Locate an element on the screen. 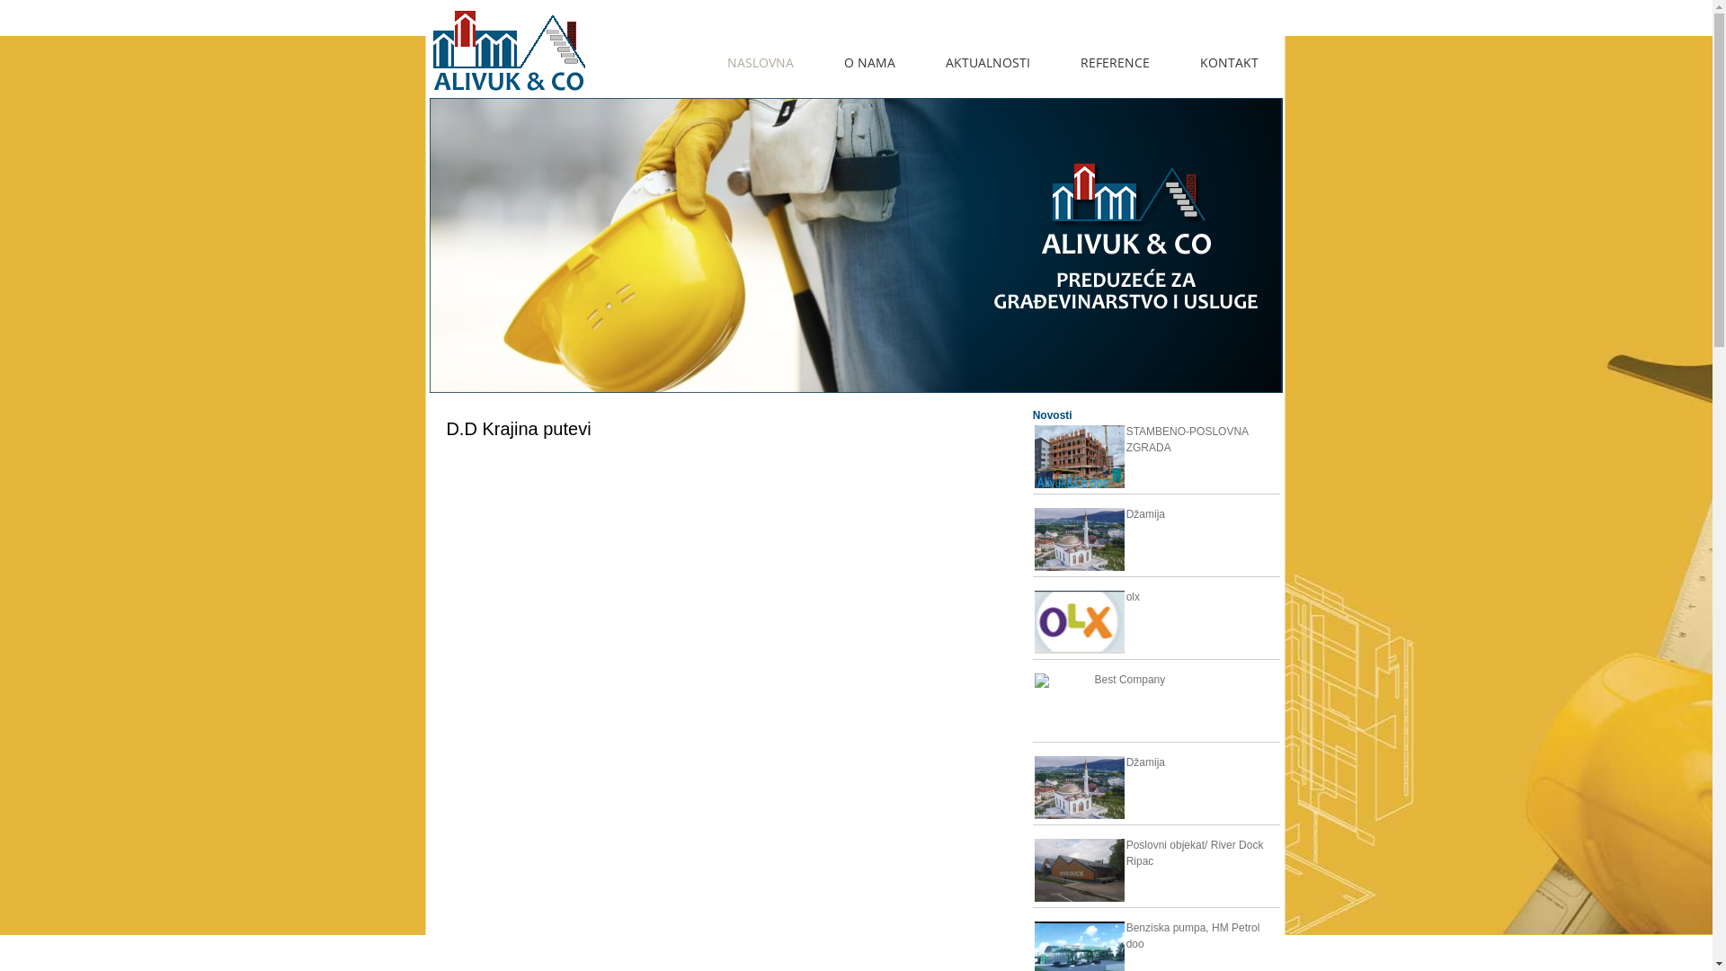  'Benziska pumpa, HM Petrol doo' is located at coordinates (1079, 928).